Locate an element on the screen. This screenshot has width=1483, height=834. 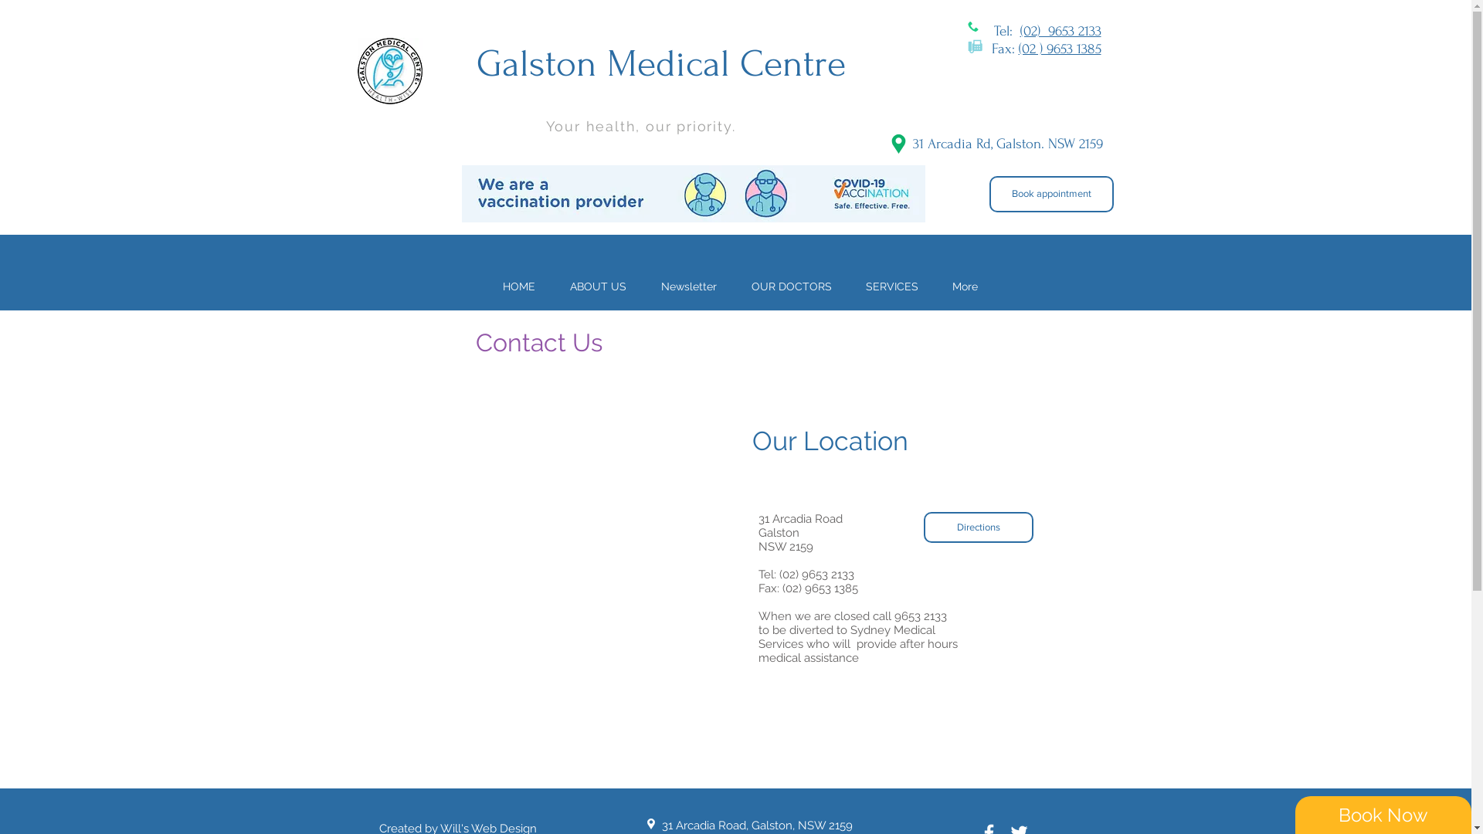
'Directions' is located at coordinates (978, 526).